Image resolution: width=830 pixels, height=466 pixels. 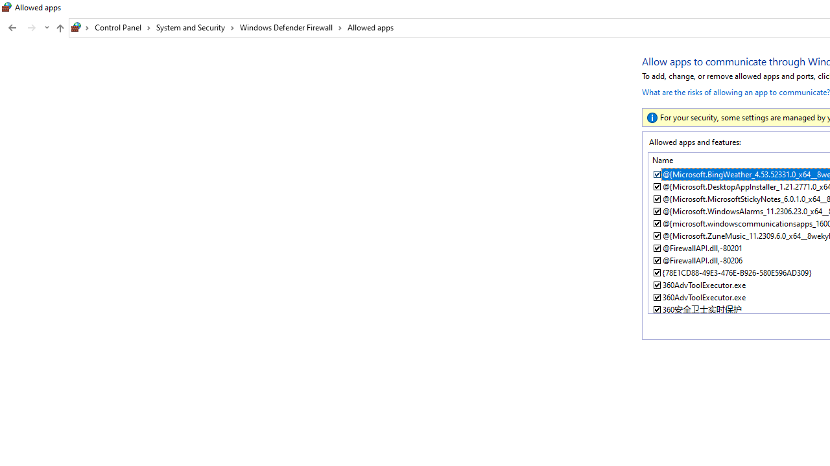 I want to click on 'All locations', so click(x=80, y=27).